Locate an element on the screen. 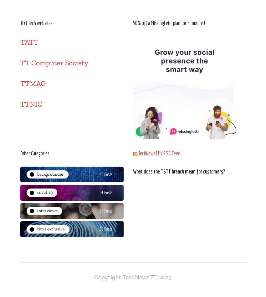 The width and height of the screenshot is (266, 297). 'TTNIC' is located at coordinates (31, 103).